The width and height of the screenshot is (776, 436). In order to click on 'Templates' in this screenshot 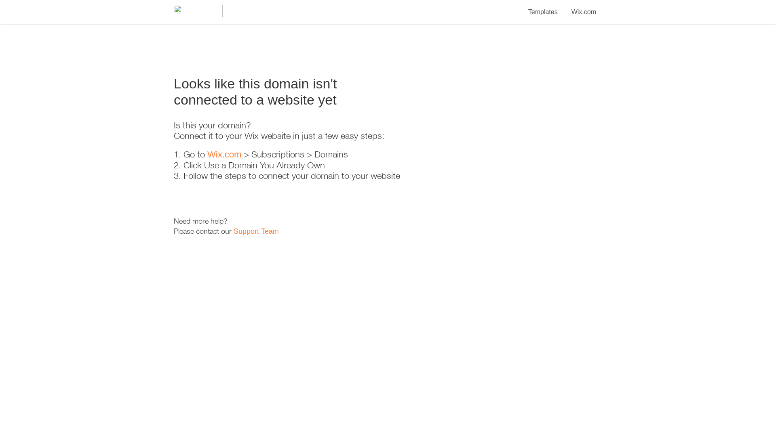, I will do `click(543, 8)`.